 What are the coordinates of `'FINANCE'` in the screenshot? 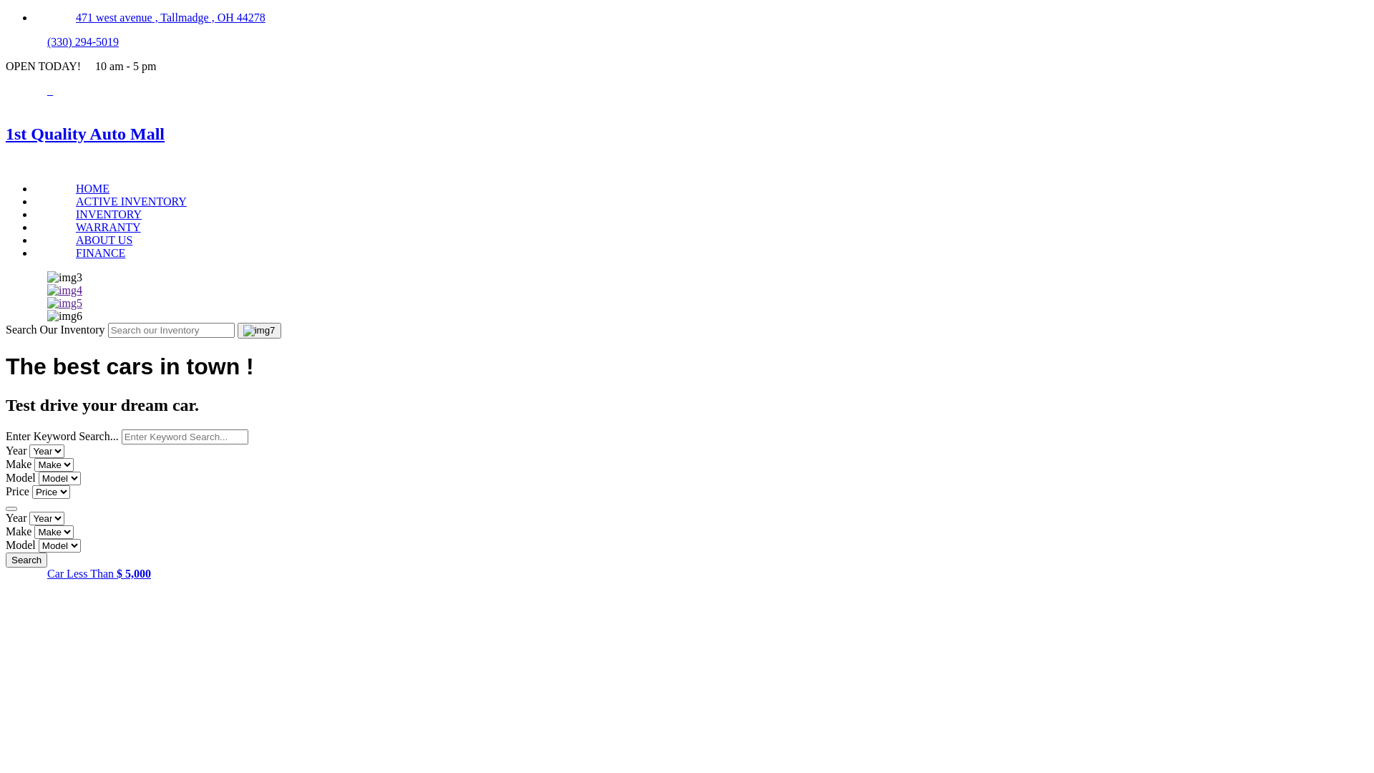 It's located at (99, 252).